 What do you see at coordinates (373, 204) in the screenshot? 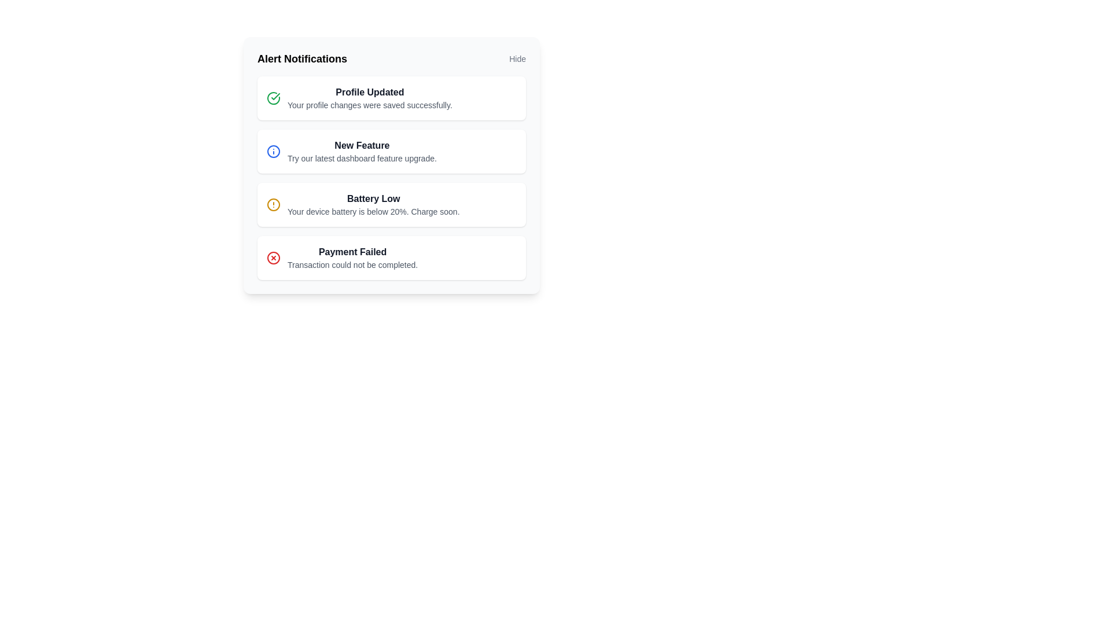
I see `the notification card titled 'Battery Low' which alerts the user about the low battery status, positioned centrally in the notification interface` at bounding box center [373, 204].